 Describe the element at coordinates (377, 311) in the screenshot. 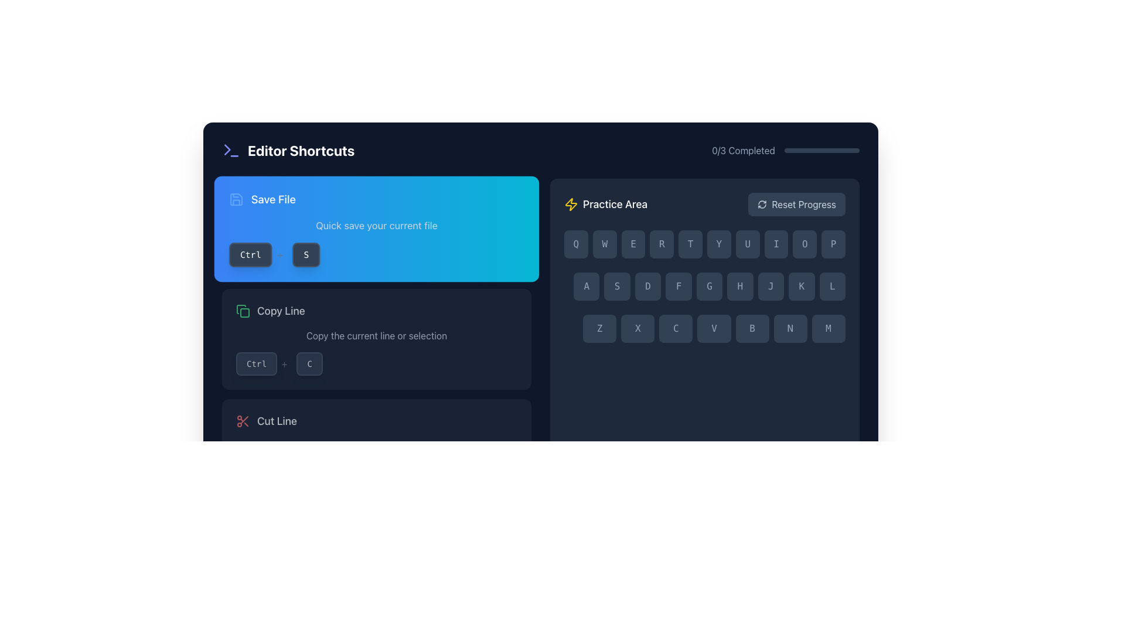

I see `the 'Copy Line' button, which is centrally placed below the 'Save File' section` at that location.